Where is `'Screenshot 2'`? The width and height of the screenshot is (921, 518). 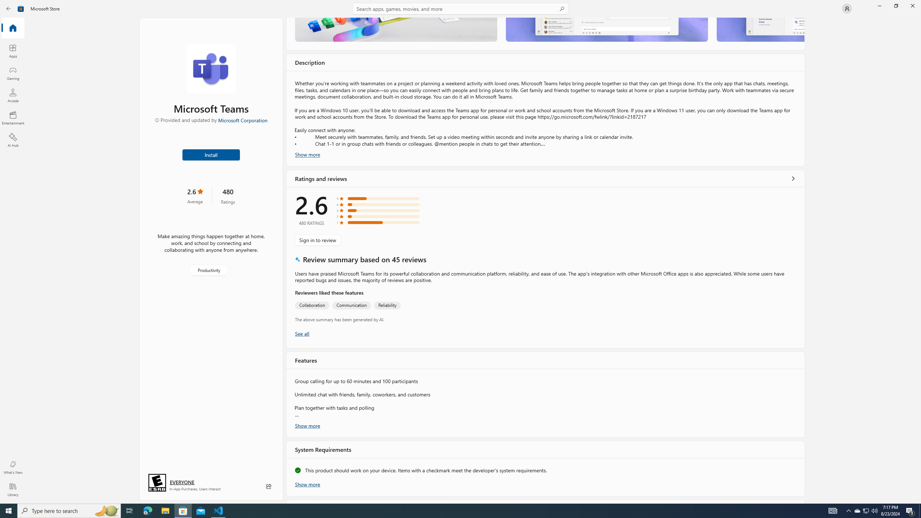
'Screenshot 2' is located at coordinates (607, 29).